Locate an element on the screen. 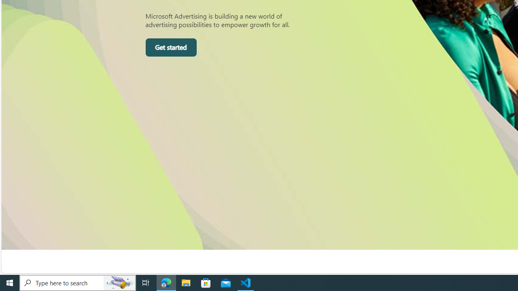 This screenshot has width=518, height=291. 'Get started' is located at coordinates (170, 48).